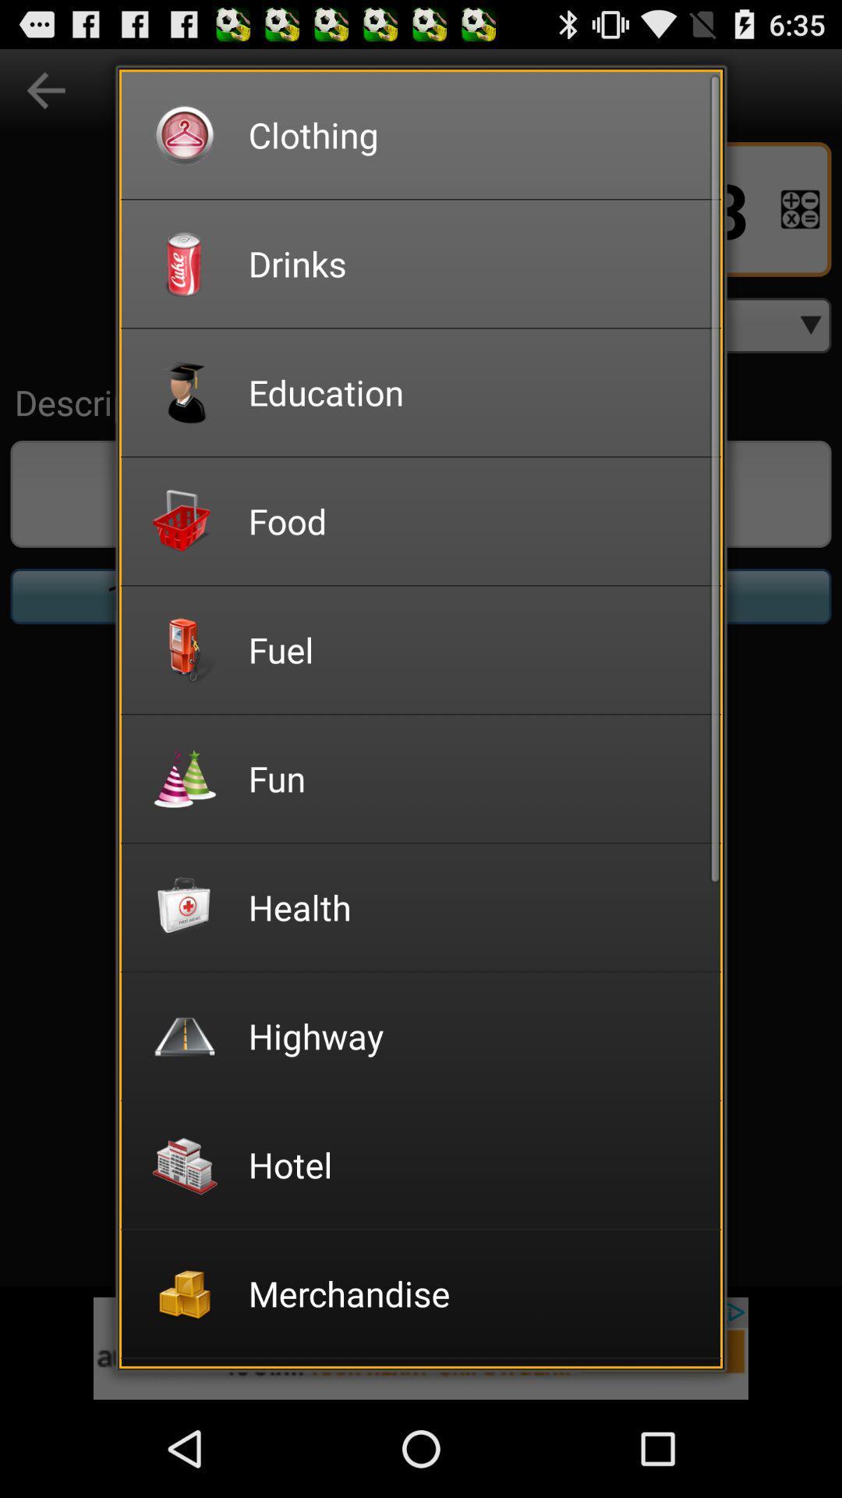 The image size is (842, 1498). I want to click on health item, so click(473, 907).